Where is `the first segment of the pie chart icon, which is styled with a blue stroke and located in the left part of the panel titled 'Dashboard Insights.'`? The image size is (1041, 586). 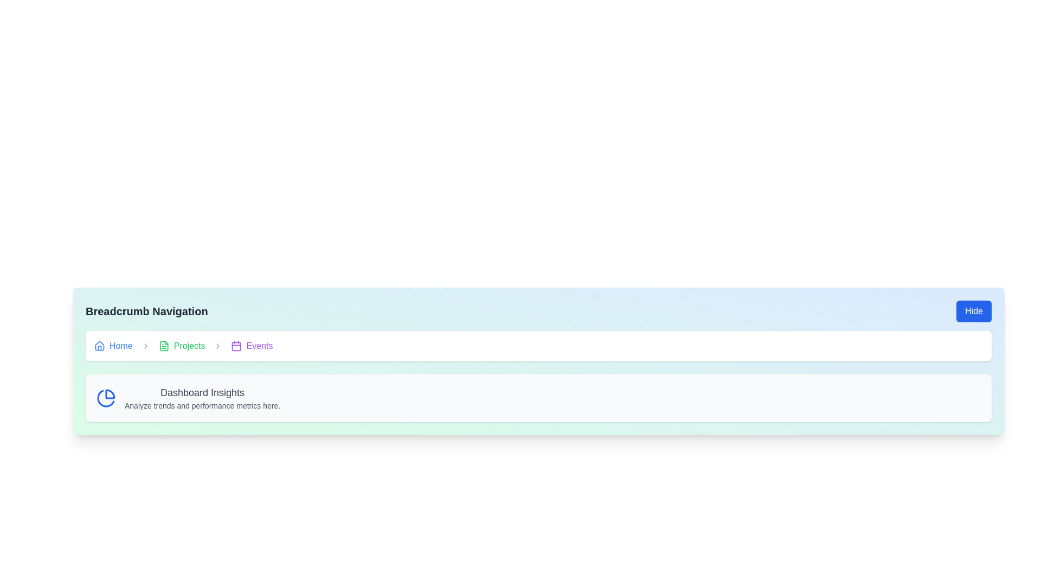
the first segment of the pie chart icon, which is styled with a blue stroke and located in the left part of the panel titled 'Dashboard Insights.' is located at coordinates (110, 394).